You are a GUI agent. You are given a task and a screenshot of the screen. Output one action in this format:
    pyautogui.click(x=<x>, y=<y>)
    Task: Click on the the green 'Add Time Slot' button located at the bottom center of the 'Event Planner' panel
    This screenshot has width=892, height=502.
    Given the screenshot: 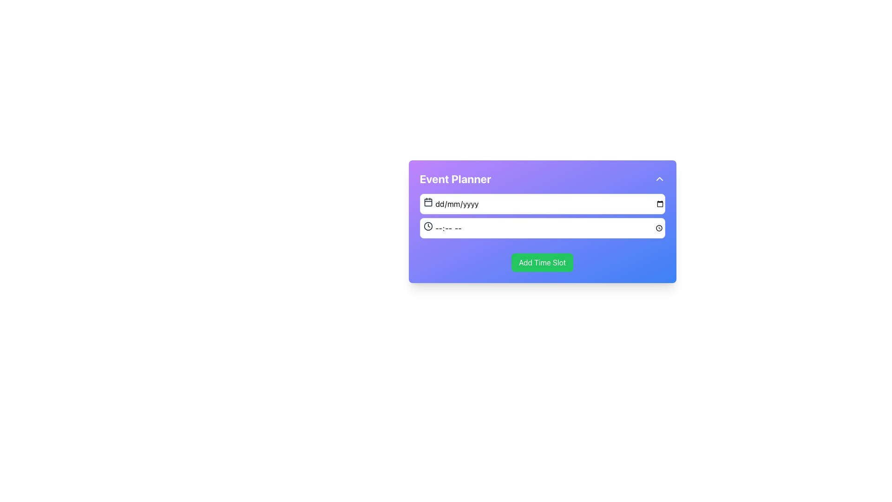 What is the action you would take?
    pyautogui.click(x=542, y=259)
    